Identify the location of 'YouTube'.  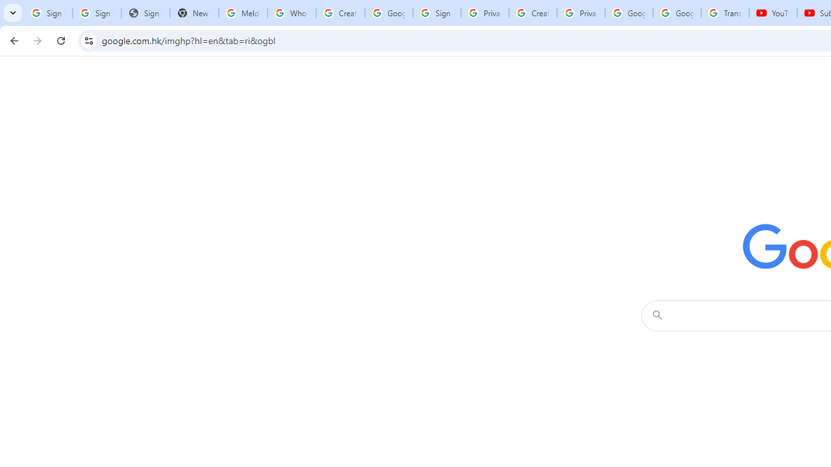
(773, 13).